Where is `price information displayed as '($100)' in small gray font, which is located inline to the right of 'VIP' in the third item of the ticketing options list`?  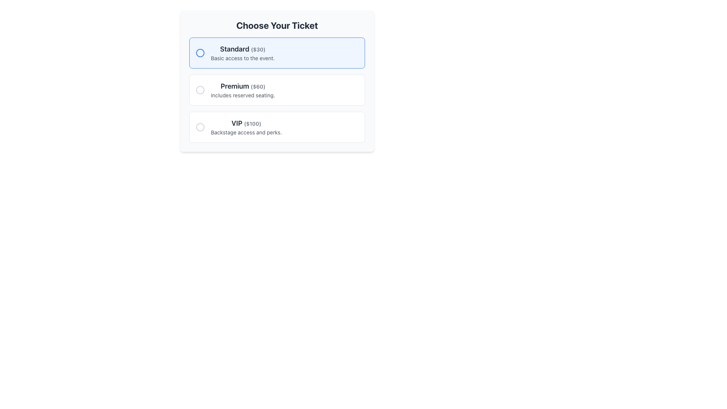 price information displayed as '($100)' in small gray font, which is located inline to the right of 'VIP' in the third item of the ticketing options list is located at coordinates (253, 123).